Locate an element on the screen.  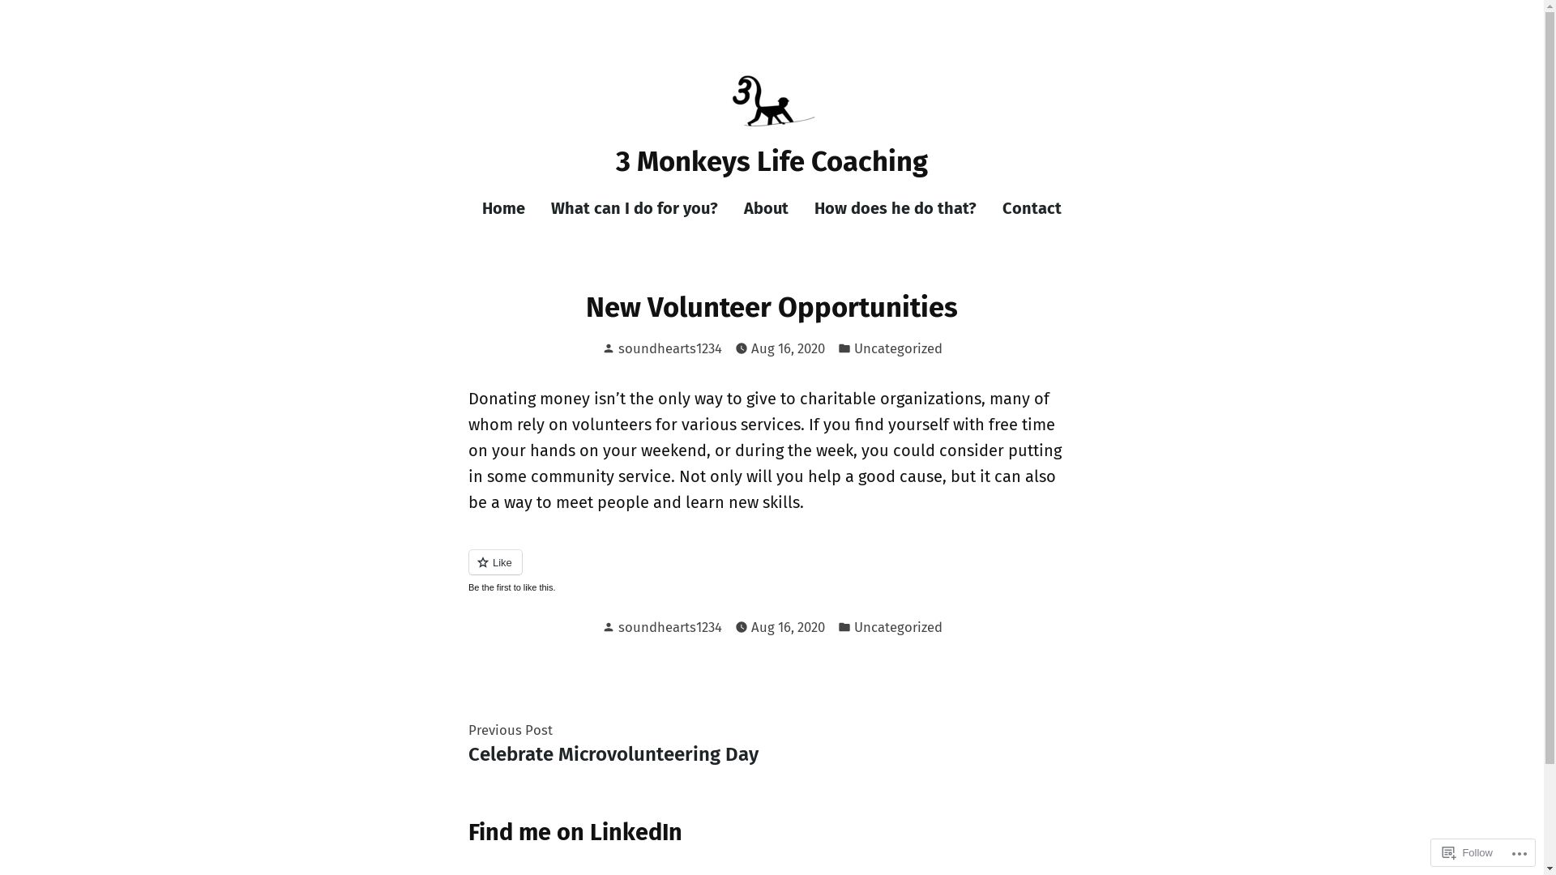
'Home' is located at coordinates (509, 207).